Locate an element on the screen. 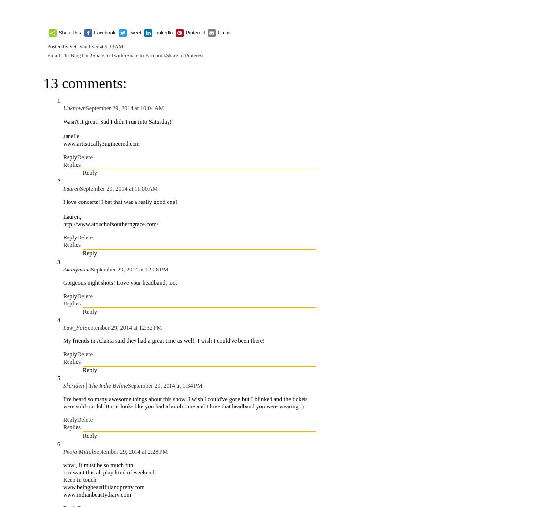 The height and width of the screenshot is (507, 541). '9:13 AM' is located at coordinates (113, 46).